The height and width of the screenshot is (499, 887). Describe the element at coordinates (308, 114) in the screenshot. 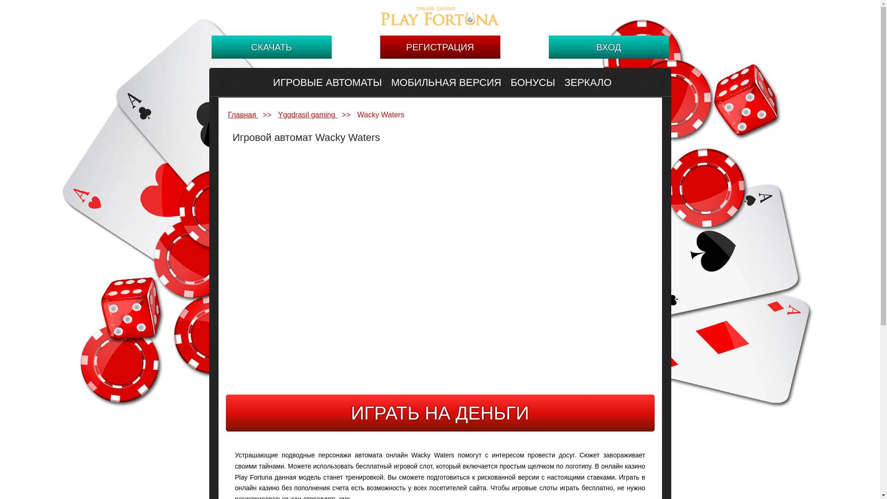

I see `'Yggdrasil gaming'` at that location.